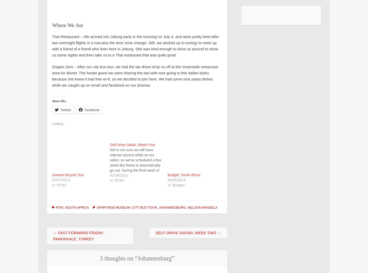 The image size is (368, 273). What do you see at coordinates (131, 207) in the screenshot?
I see `'City Bus Tour'` at bounding box center [131, 207].